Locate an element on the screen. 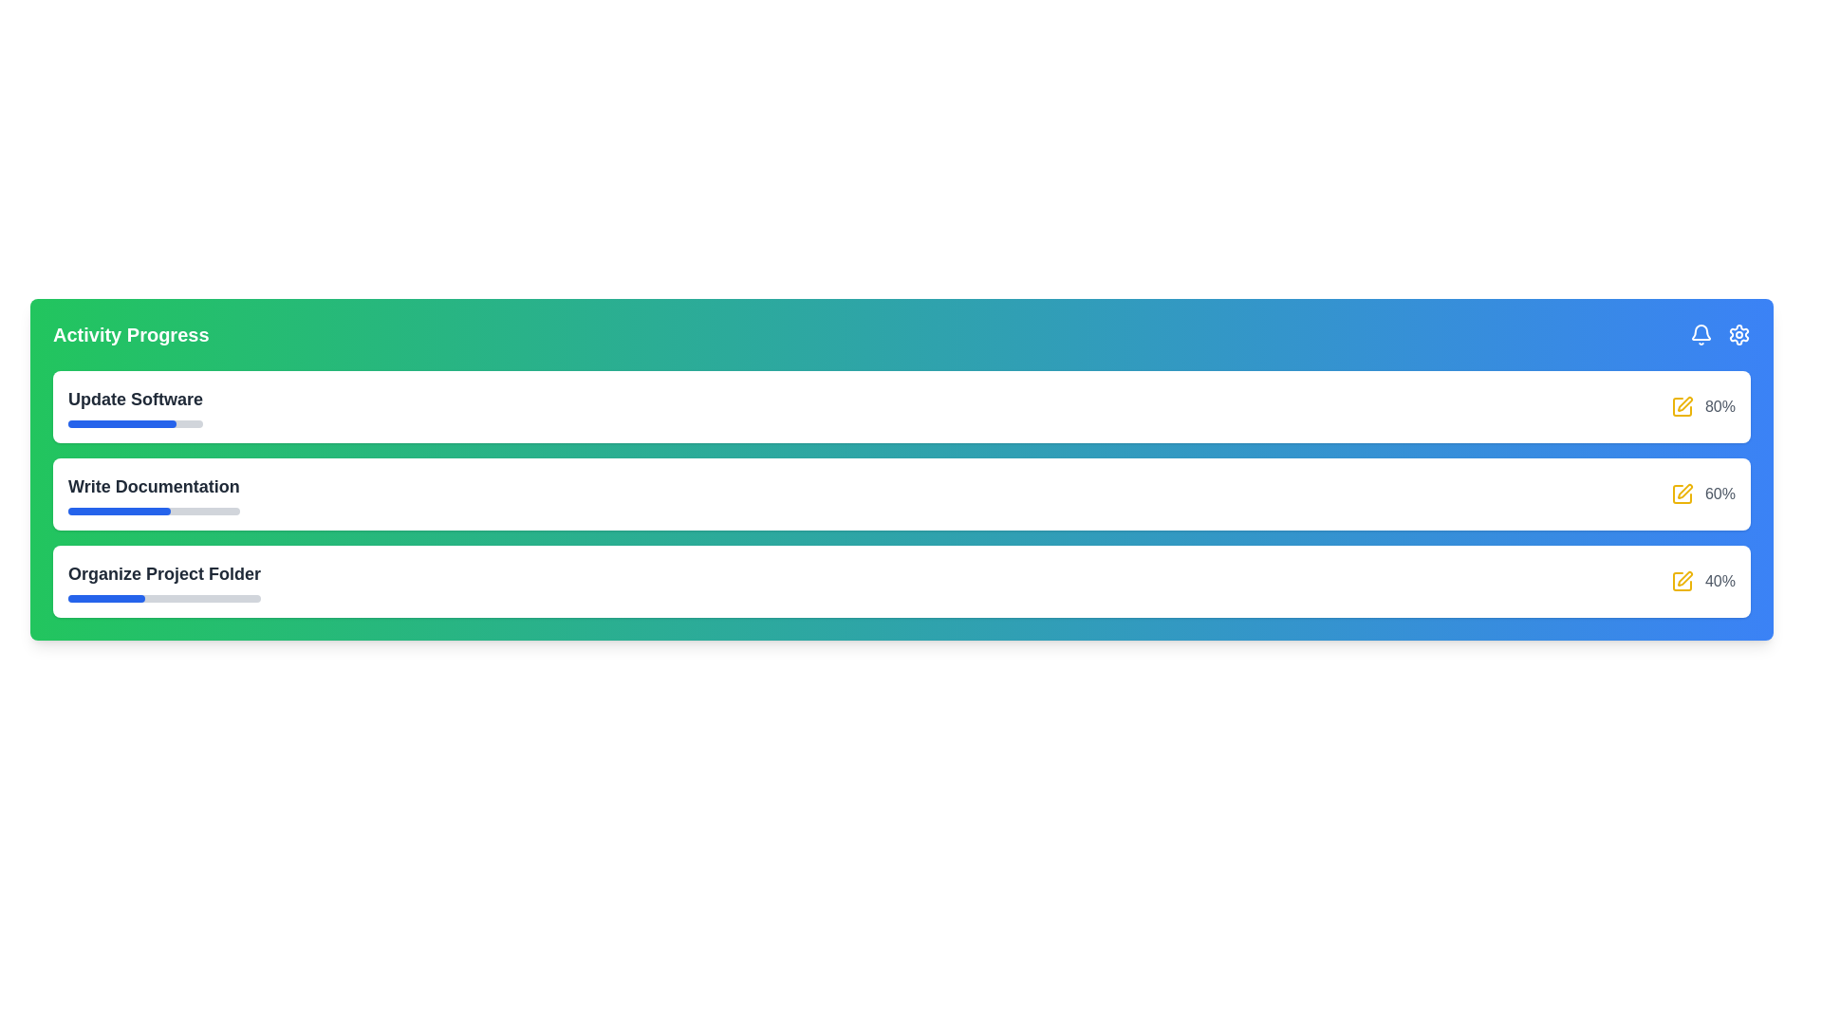 Image resolution: width=1822 pixels, height=1025 pixels. text of the left-aligned label 'Update Software' located in the first row of the progress tracker interface, which is part of a white card below the green header 'Activity Progress' is located at coordinates (135, 405).